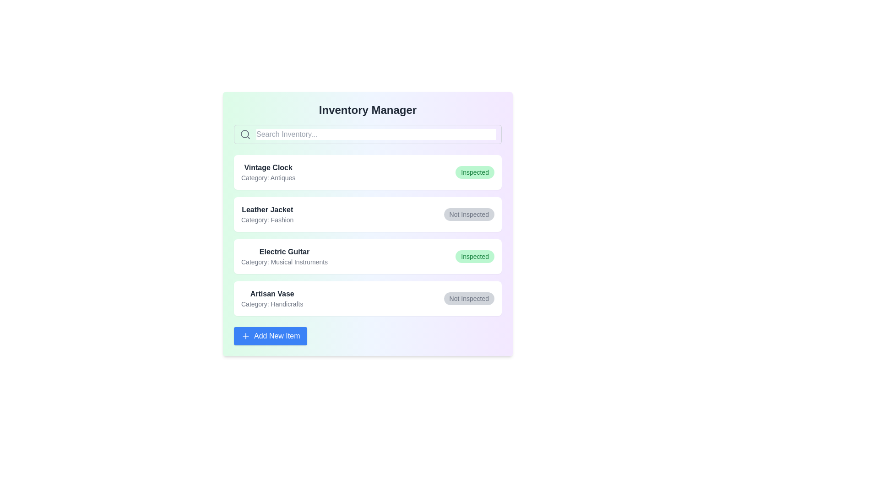 This screenshot has width=879, height=494. Describe the element at coordinates (368, 256) in the screenshot. I see `the item Electric Guitar to explore its hover effects` at that location.